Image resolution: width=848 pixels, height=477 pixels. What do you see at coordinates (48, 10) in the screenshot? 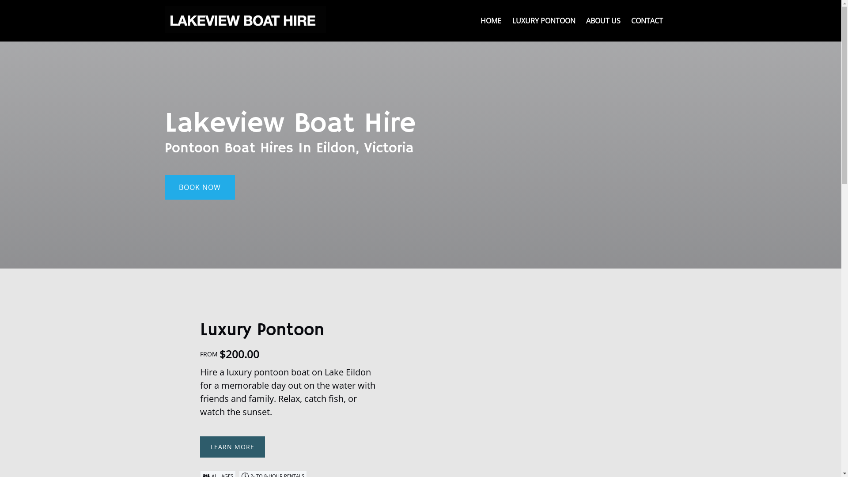
I see `'Skip to primary navigation'` at bounding box center [48, 10].